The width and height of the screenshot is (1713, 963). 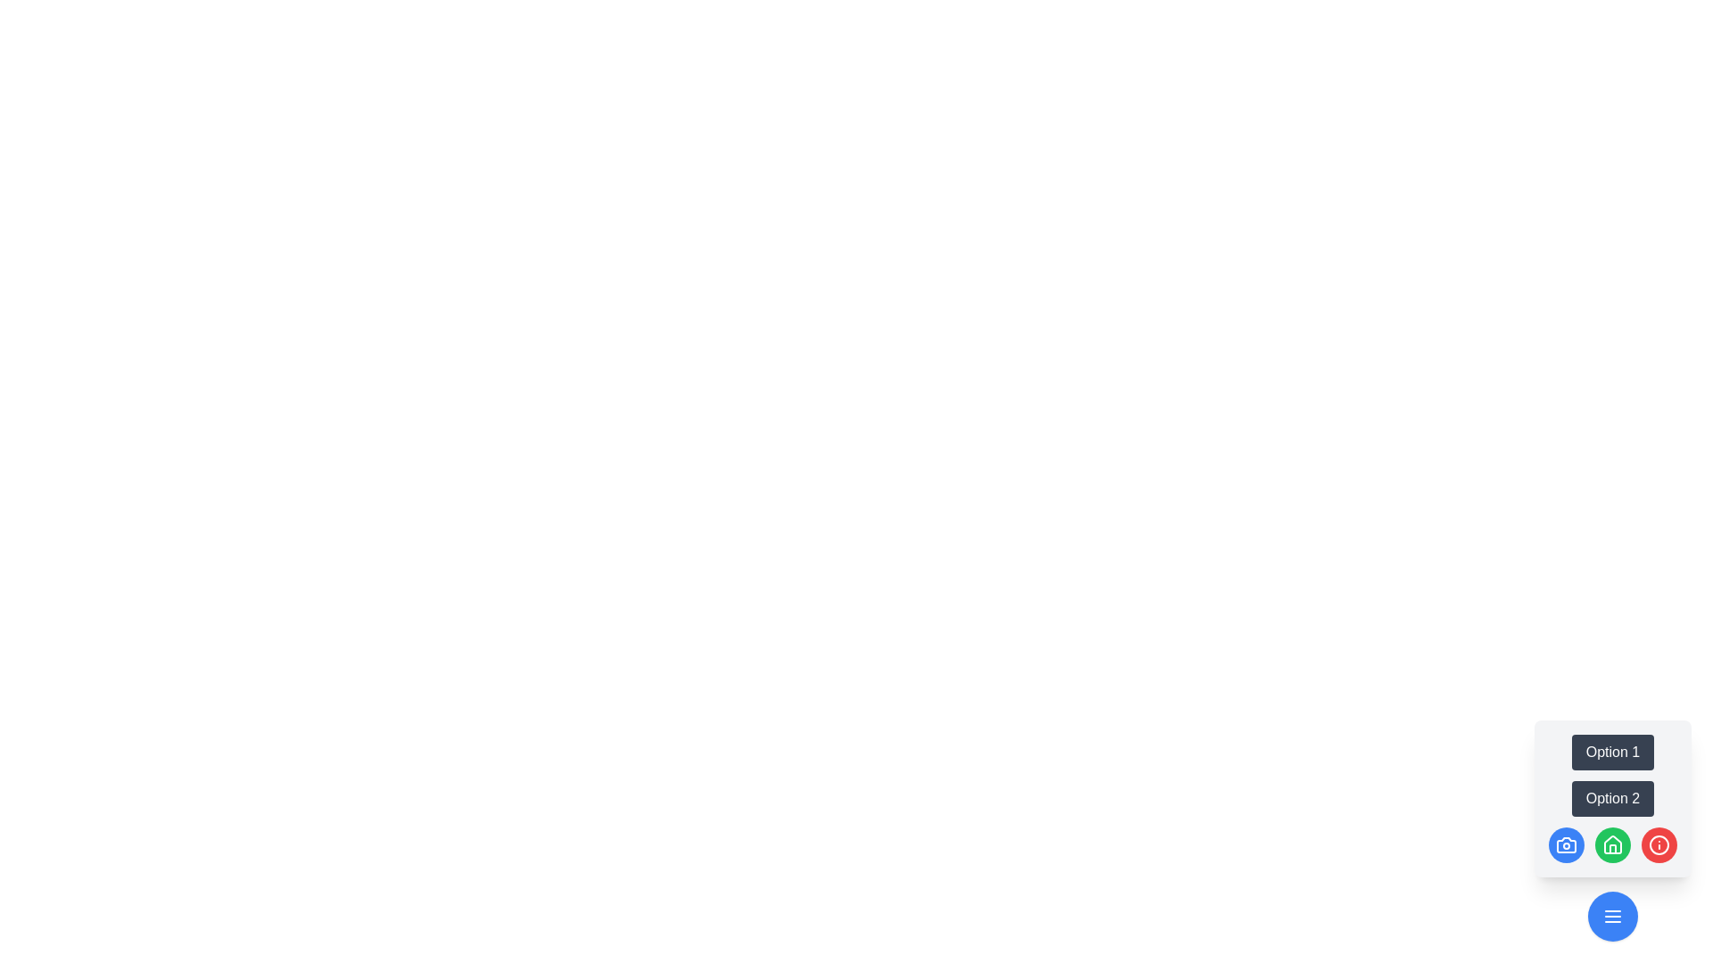 What do you see at coordinates (1613, 917) in the screenshot?
I see `the circular button with a blue background and a white menu icon` at bounding box center [1613, 917].